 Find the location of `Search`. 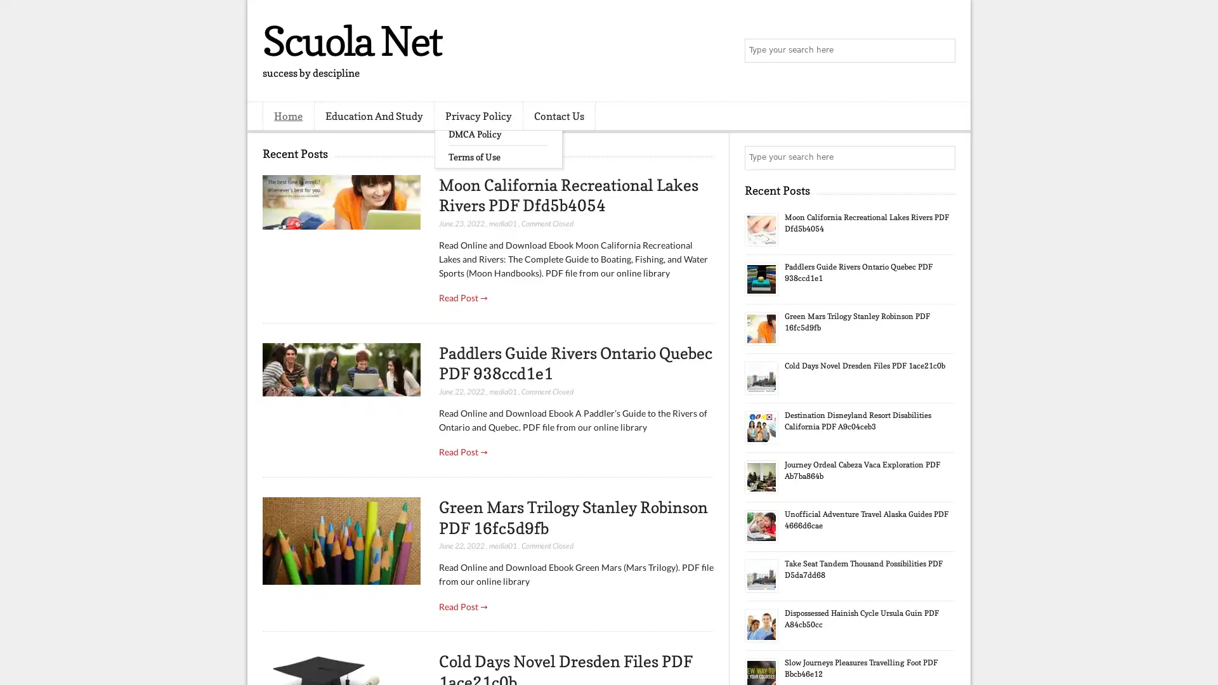

Search is located at coordinates (942, 51).